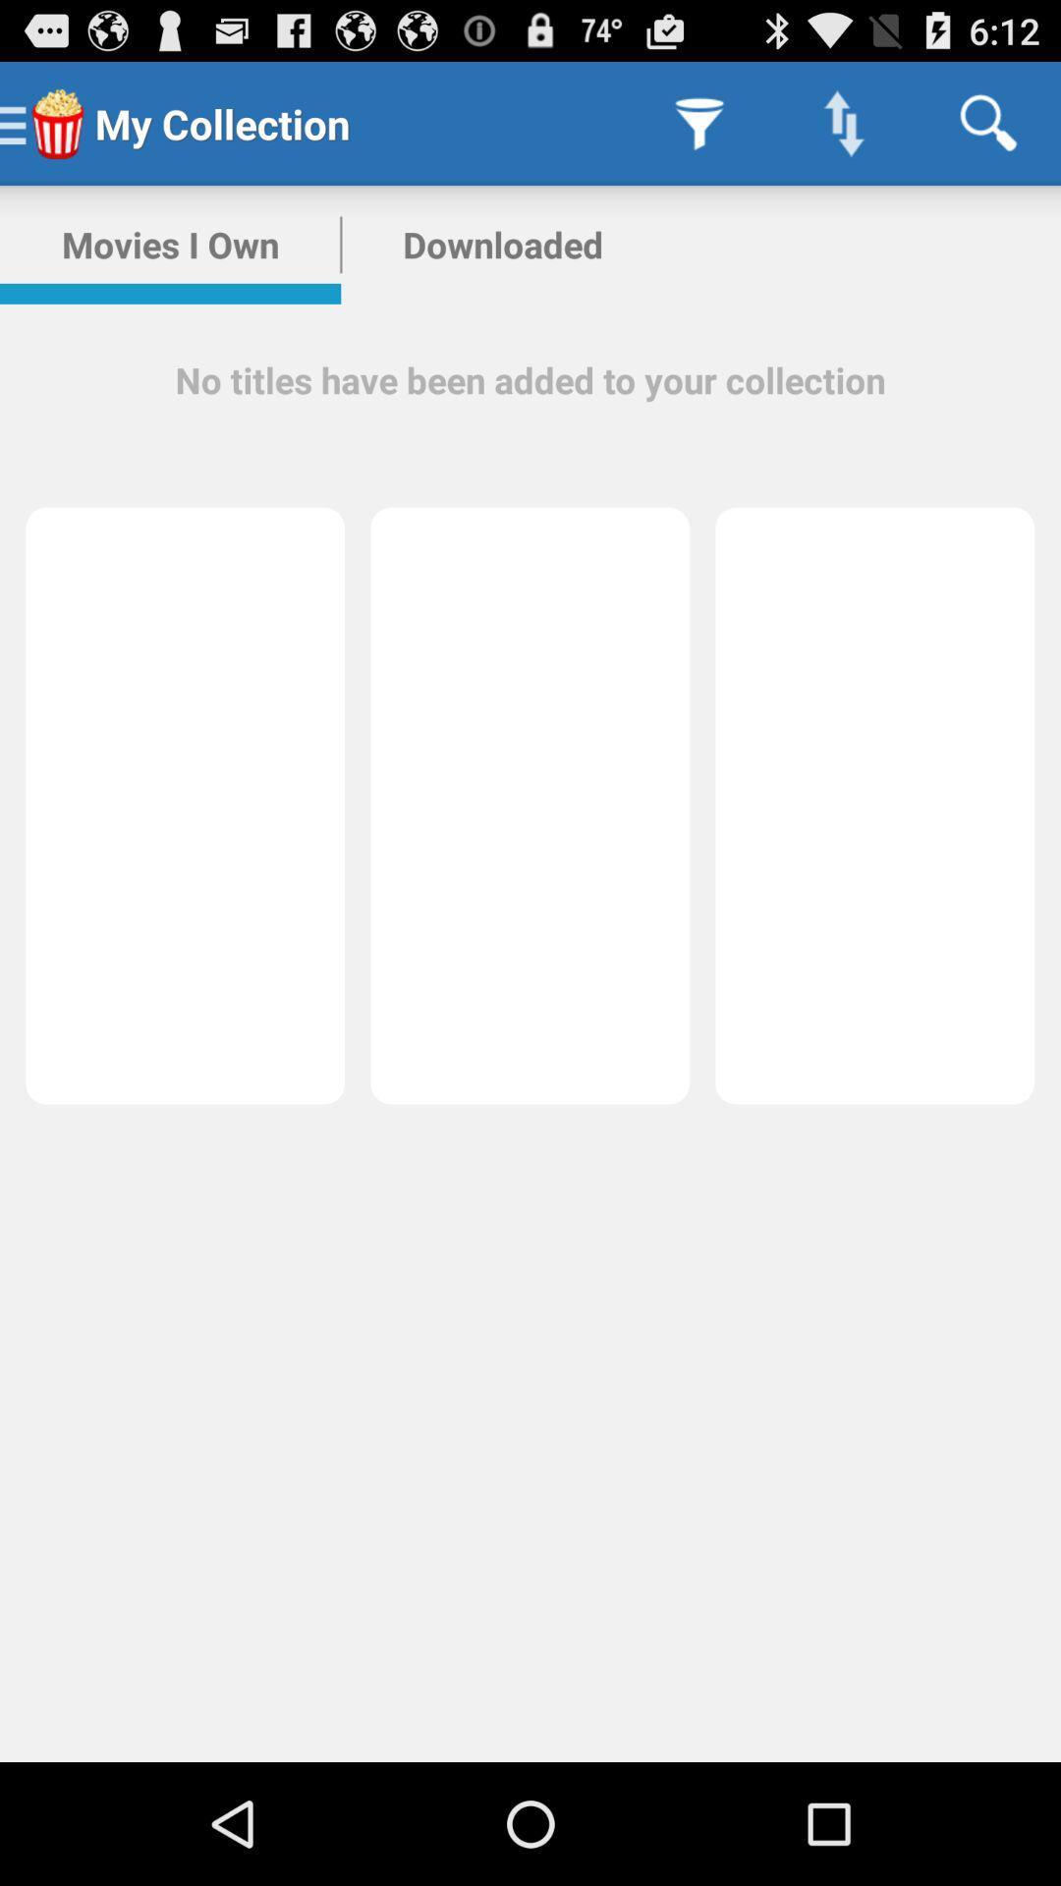 This screenshot has width=1061, height=1886. Describe the element at coordinates (169, 244) in the screenshot. I see `movies i own app` at that location.